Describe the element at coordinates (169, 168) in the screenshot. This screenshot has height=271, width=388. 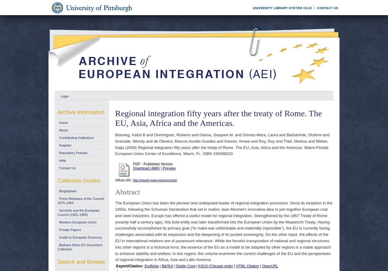
I see `'Preview'` at that location.